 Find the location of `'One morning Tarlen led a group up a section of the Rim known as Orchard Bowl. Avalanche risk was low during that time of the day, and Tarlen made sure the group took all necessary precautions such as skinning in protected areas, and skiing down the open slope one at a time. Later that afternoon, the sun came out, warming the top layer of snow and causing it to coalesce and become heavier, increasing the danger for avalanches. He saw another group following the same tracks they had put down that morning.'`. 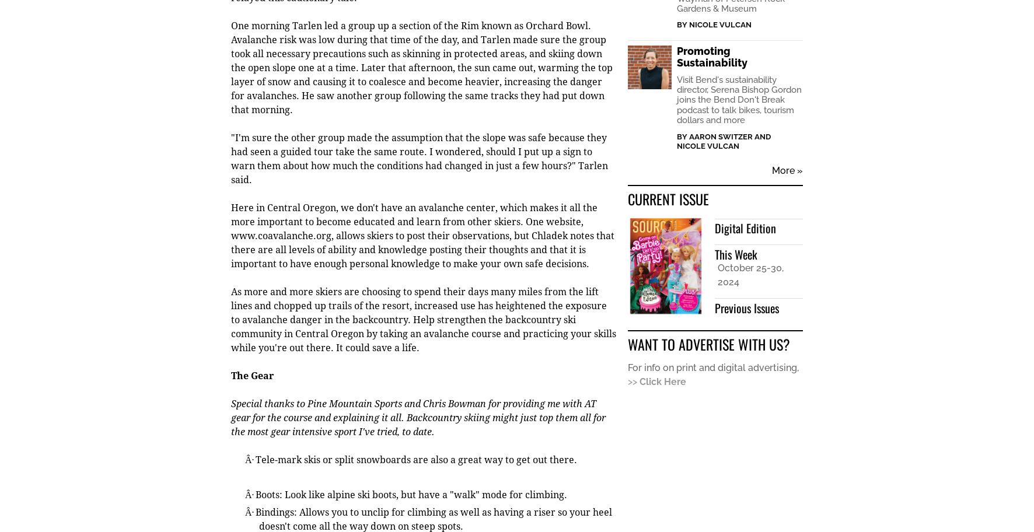

'One morning Tarlen led a group up a section of the Rim known as Orchard Bowl. Avalanche risk was low during that time of the day, and Tarlen made sure the group took all necessary precautions such as skinning in protected areas, and skiing down the open slope one at a time. Later that afternoon, the sun came out, warming the top layer of snow and causing it to coalesce and become heavier, increasing the danger for avalanches. He saw another group following the same tracks they had put down that morning.' is located at coordinates (421, 68).